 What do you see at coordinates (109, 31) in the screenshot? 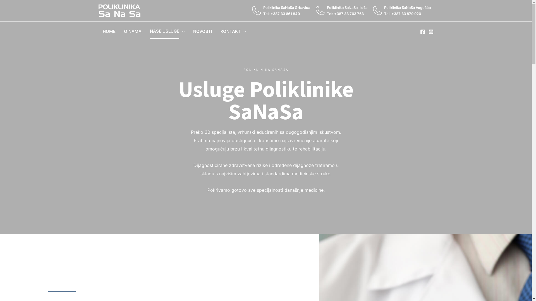
I see `'HOME'` at bounding box center [109, 31].